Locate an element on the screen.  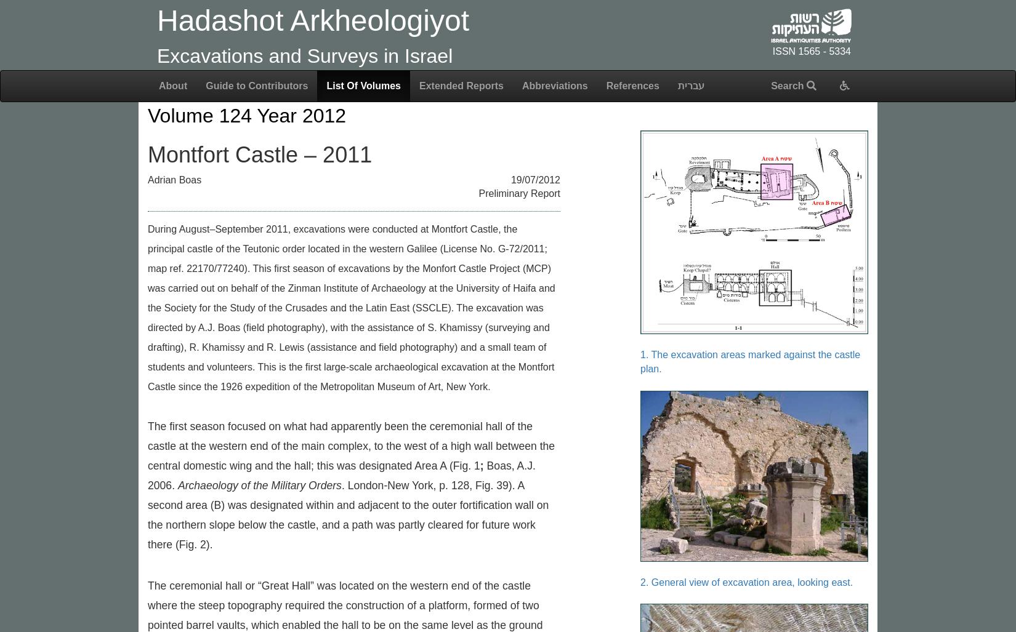
'Archaeology of the Military Orders' is located at coordinates (259, 485).